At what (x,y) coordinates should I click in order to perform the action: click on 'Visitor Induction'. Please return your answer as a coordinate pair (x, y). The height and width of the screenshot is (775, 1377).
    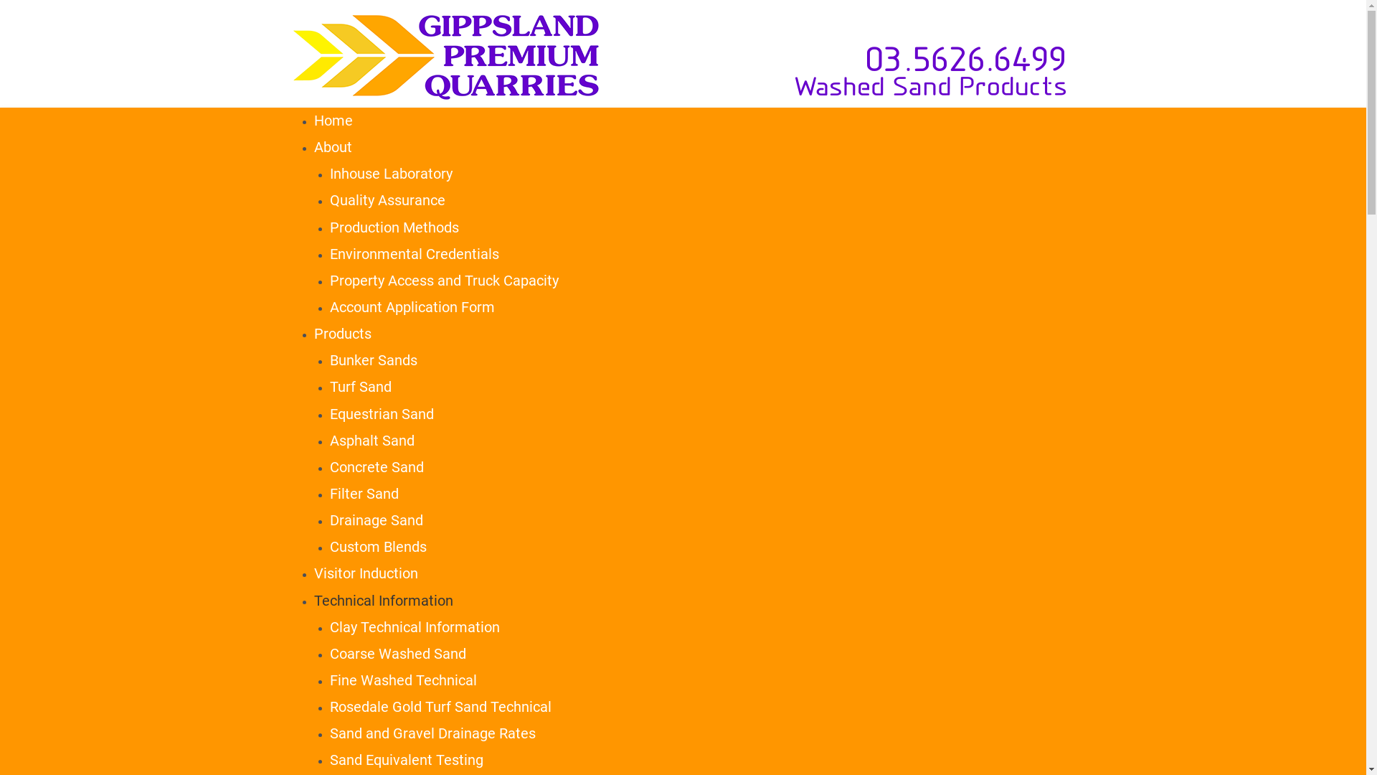
    Looking at the image, I should click on (366, 572).